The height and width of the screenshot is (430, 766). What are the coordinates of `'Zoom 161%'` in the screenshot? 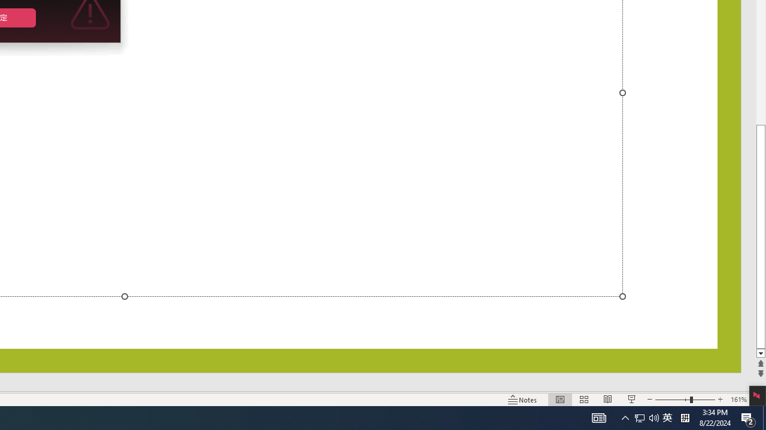 It's located at (738, 400).